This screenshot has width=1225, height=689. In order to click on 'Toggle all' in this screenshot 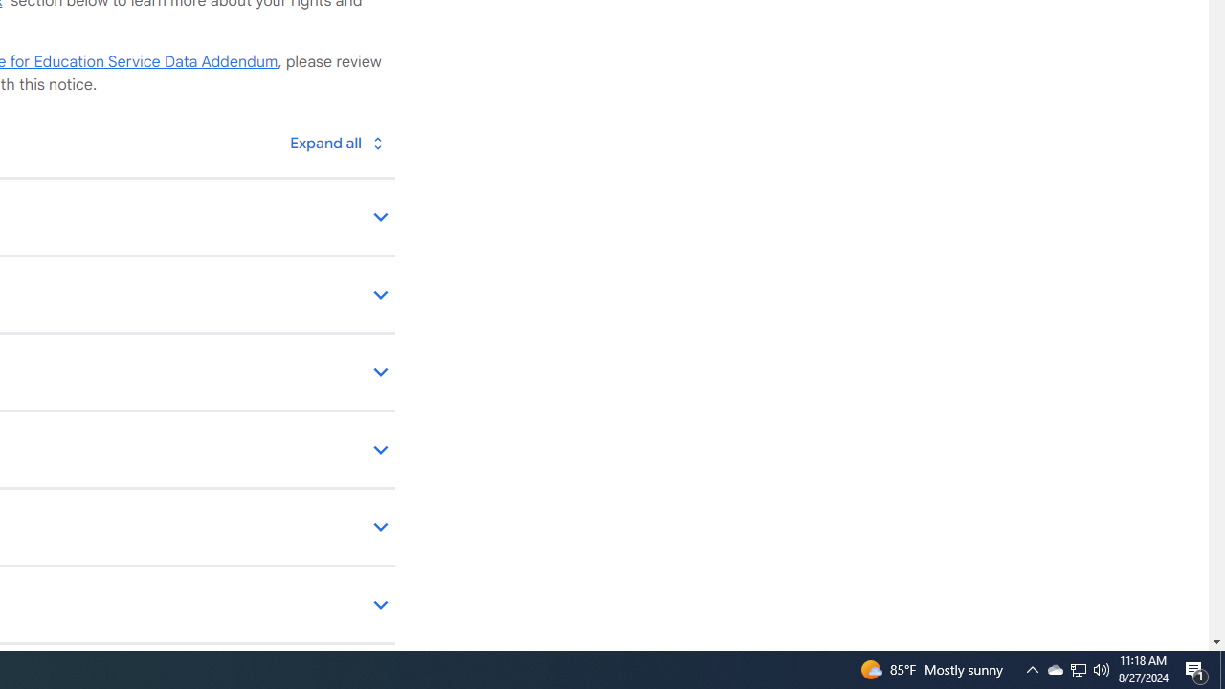, I will do `click(336, 142)`.